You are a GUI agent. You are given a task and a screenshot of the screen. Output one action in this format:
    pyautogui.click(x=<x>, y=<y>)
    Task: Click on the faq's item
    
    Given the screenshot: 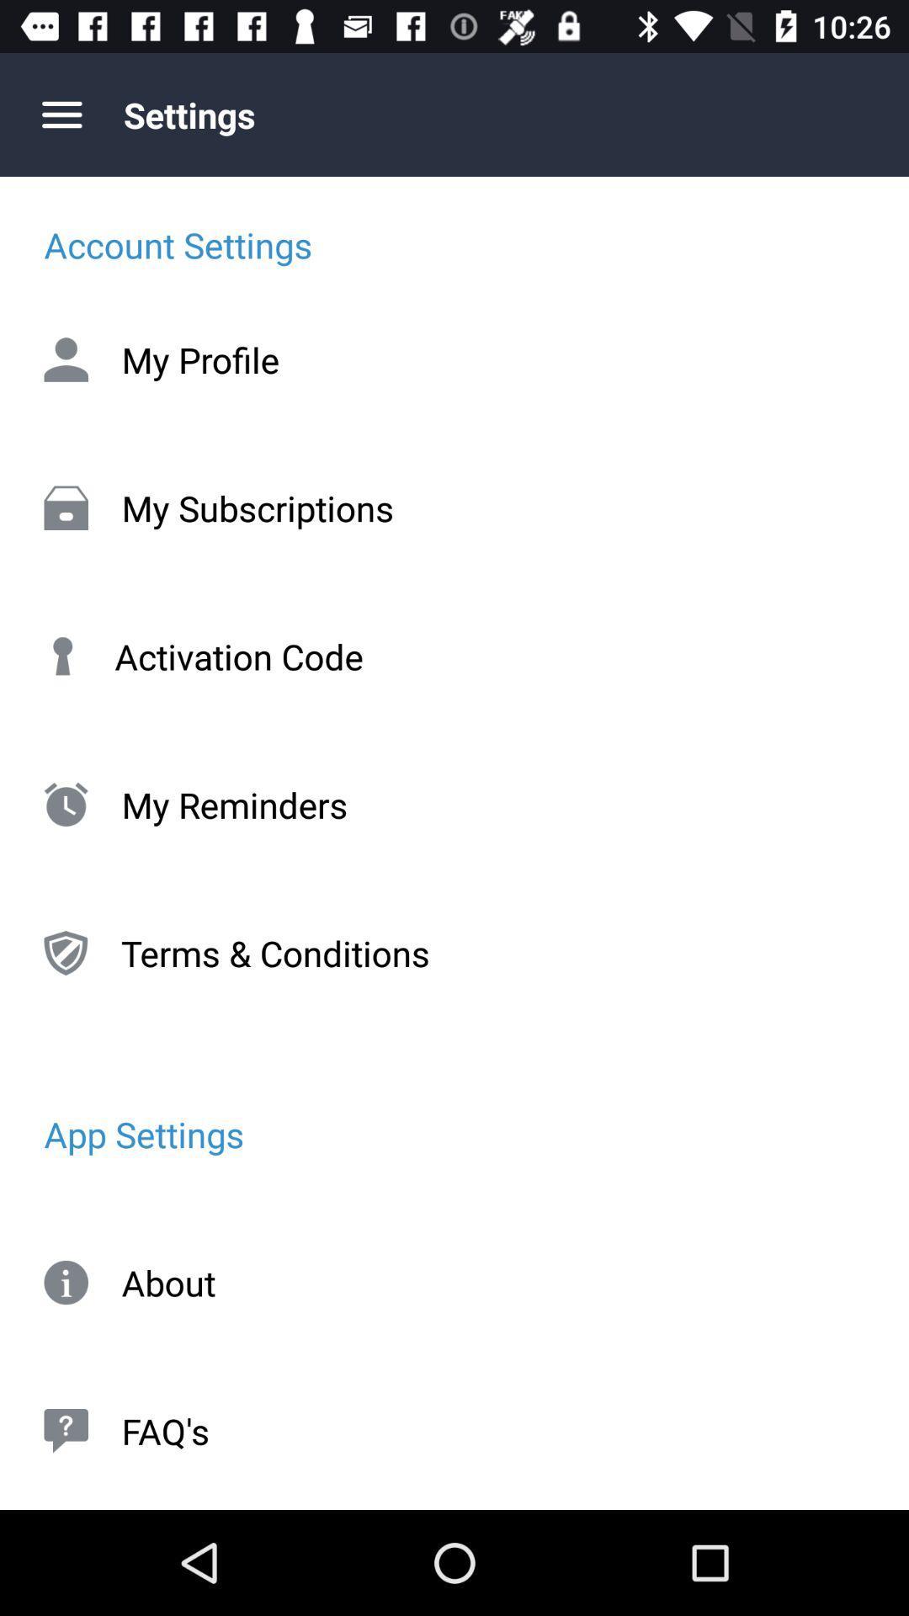 What is the action you would take?
    pyautogui.click(x=454, y=1430)
    